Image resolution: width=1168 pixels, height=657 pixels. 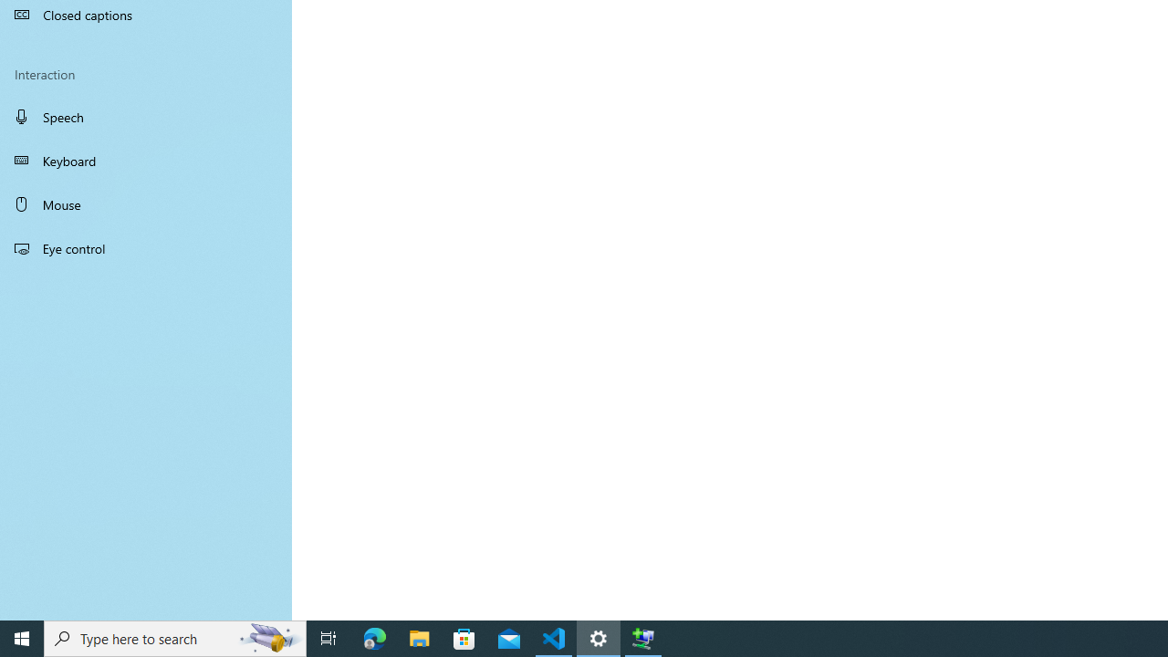 What do you see at coordinates (553, 637) in the screenshot?
I see `'Visual Studio Code - 1 running window'` at bounding box center [553, 637].